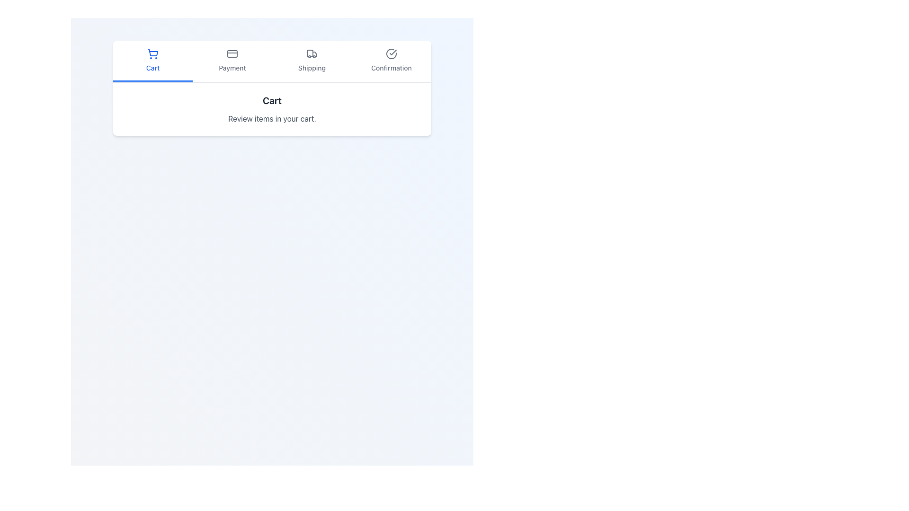  Describe the element at coordinates (272, 118) in the screenshot. I see `the static text element that displays 'Review items in your cart.' located below the 'Cart.' heading` at that location.